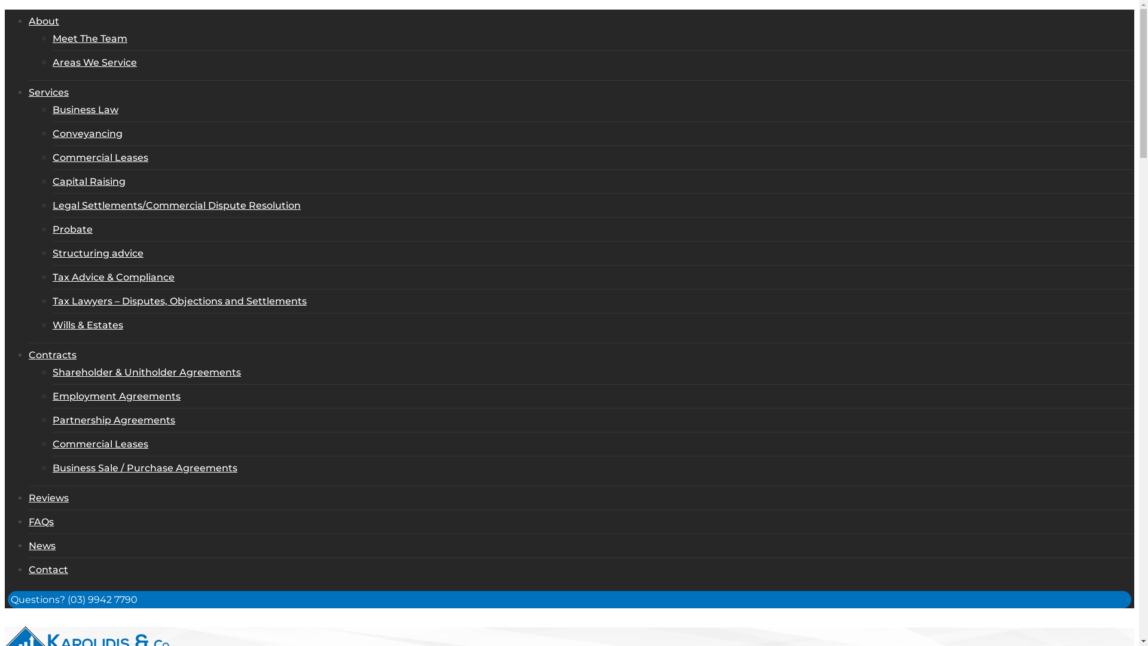 This screenshot has height=646, width=1148. What do you see at coordinates (42, 546) in the screenshot?
I see `'News'` at bounding box center [42, 546].